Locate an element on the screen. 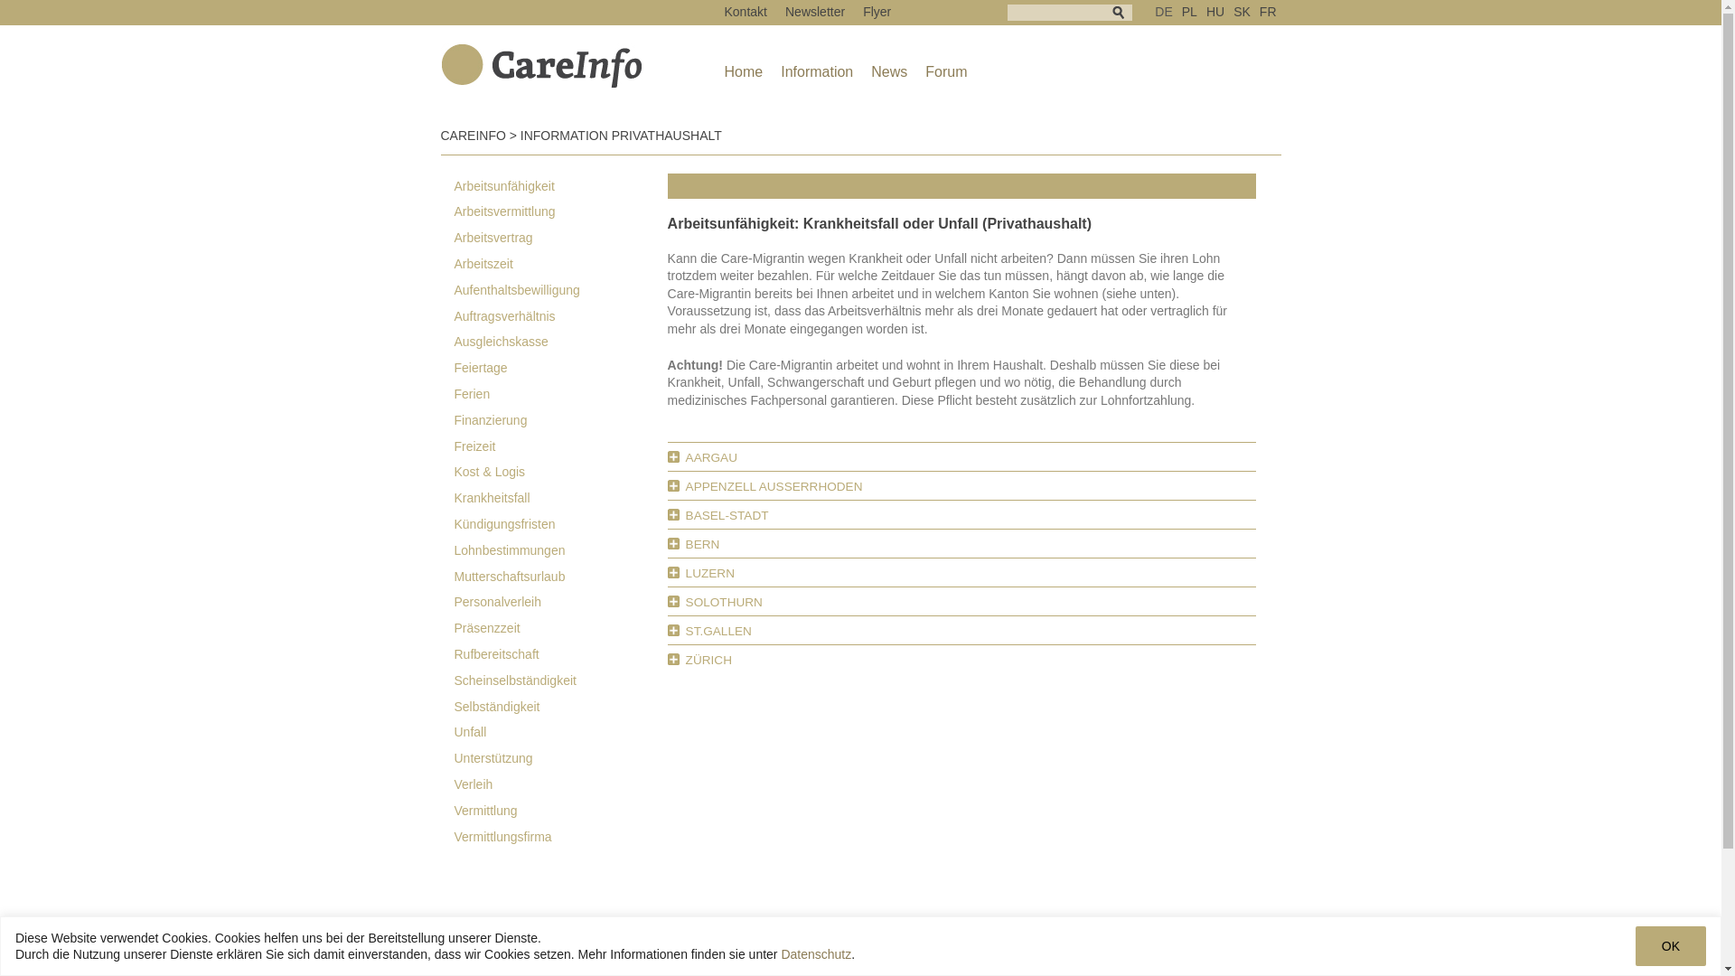  'Home' is located at coordinates (744, 70).